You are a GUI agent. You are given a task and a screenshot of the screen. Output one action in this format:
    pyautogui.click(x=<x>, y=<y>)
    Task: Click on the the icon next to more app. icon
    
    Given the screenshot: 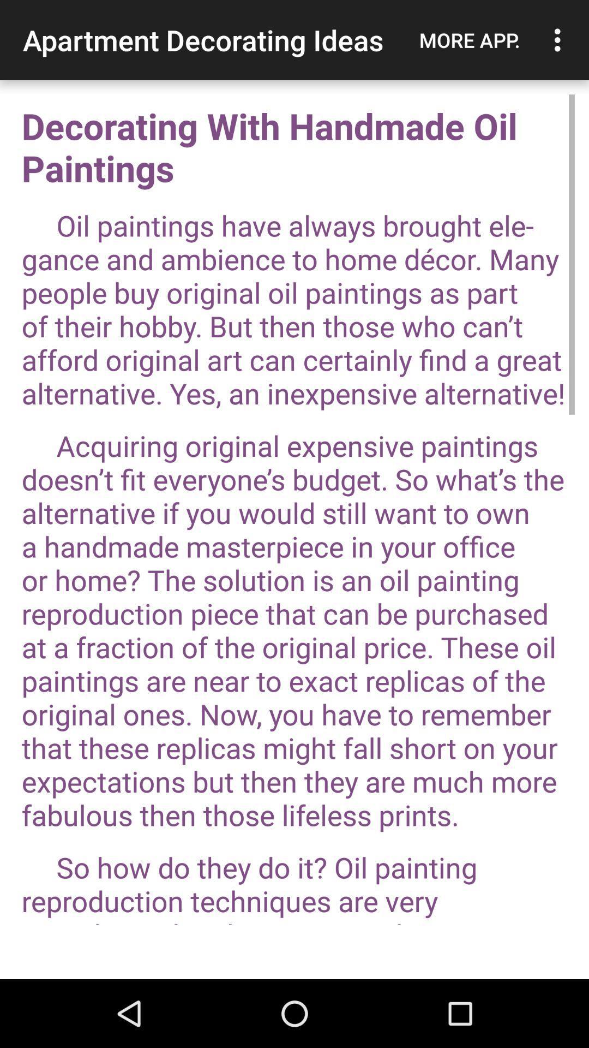 What is the action you would take?
    pyautogui.click(x=560, y=40)
    